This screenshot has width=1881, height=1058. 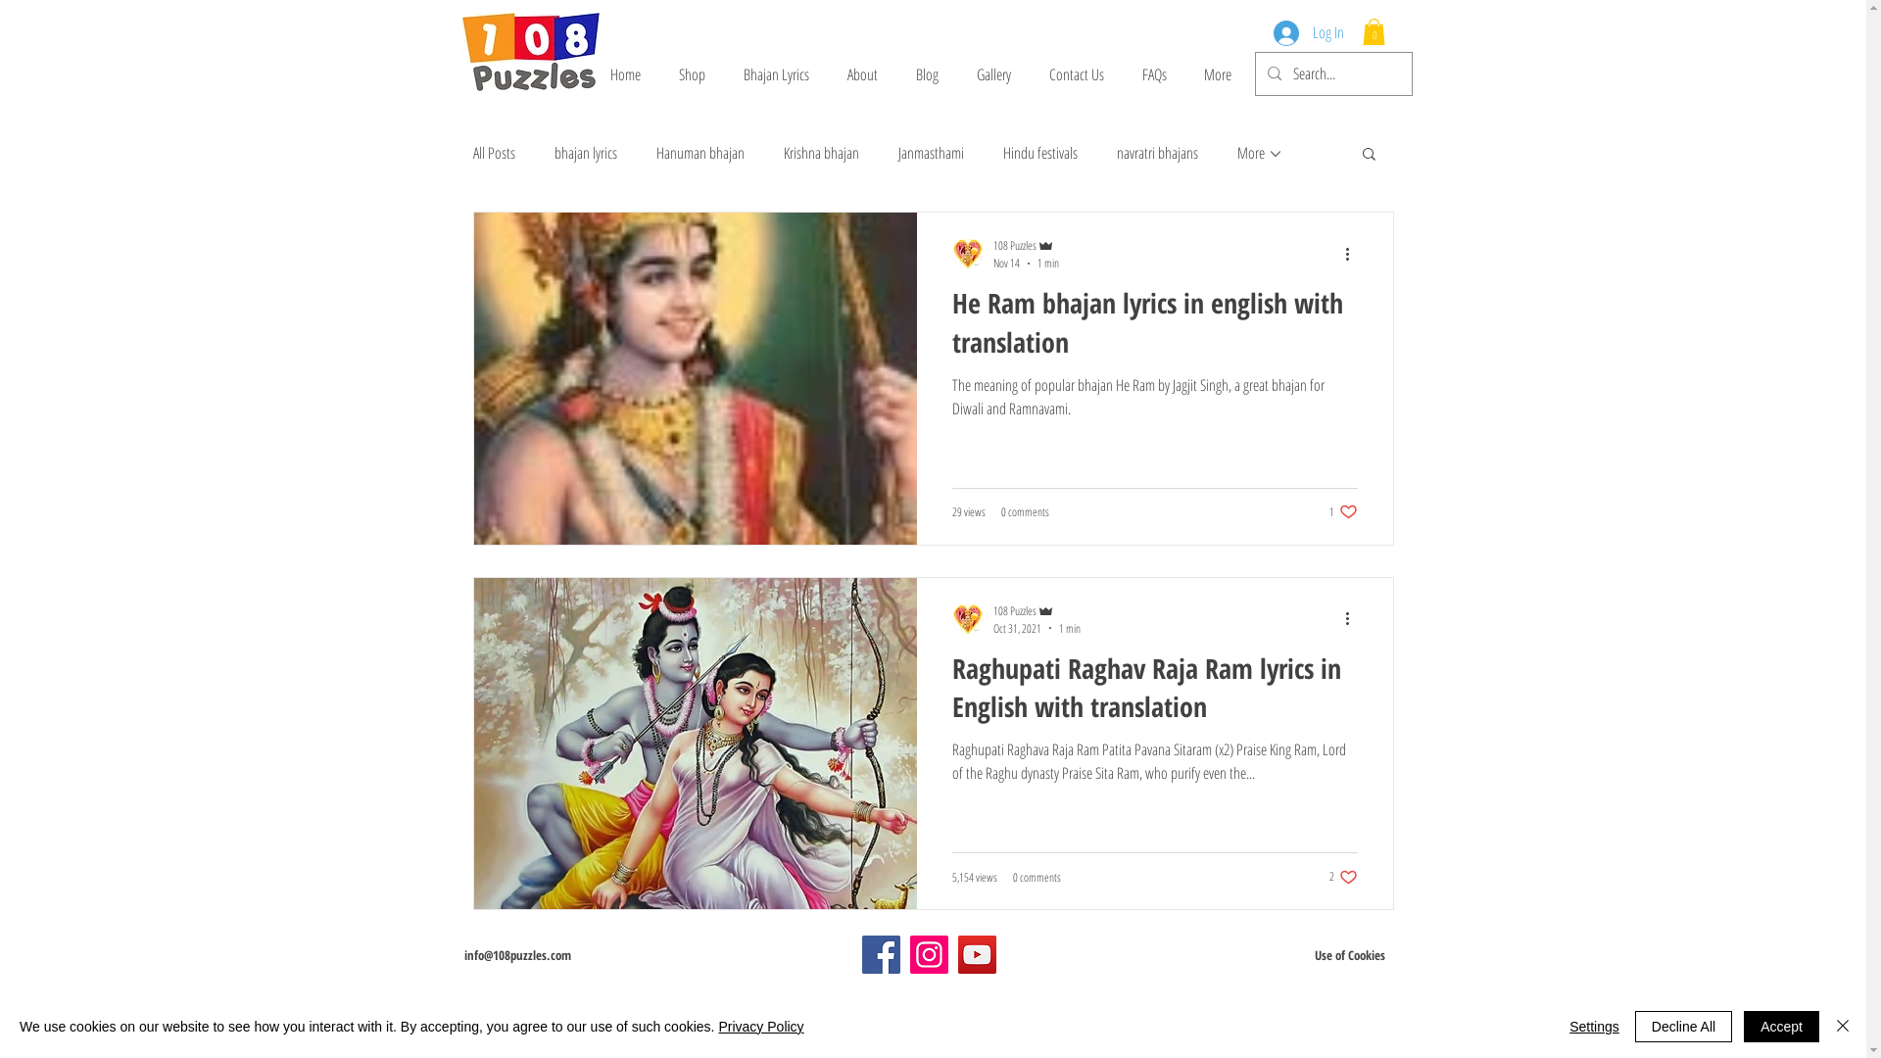 What do you see at coordinates (1372, 31) in the screenshot?
I see `'0'` at bounding box center [1372, 31].